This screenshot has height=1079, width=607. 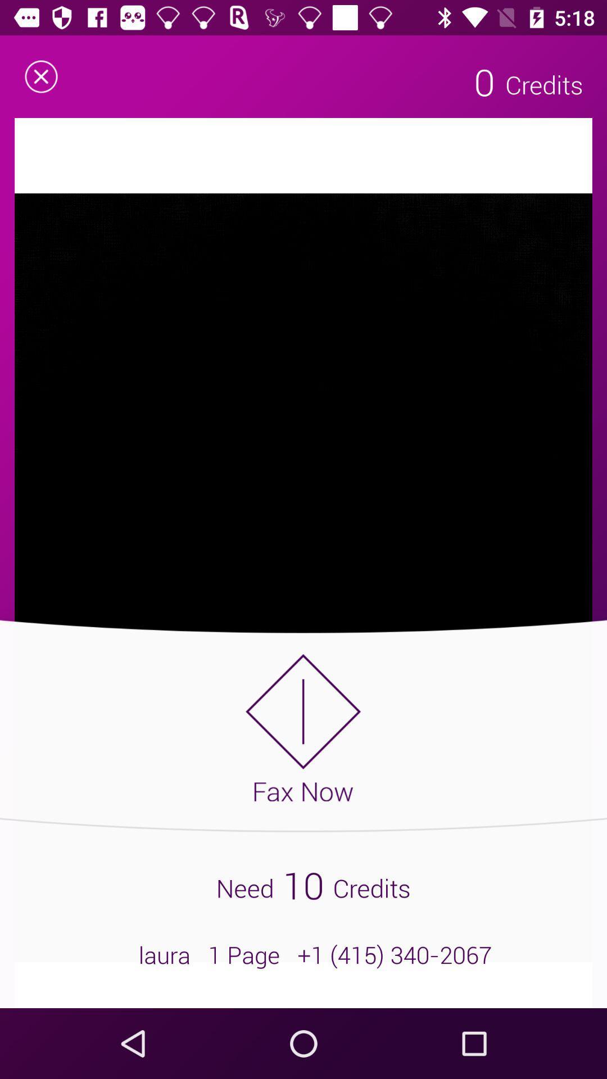 I want to click on the app next to the credits app, so click(x=484, y=81).